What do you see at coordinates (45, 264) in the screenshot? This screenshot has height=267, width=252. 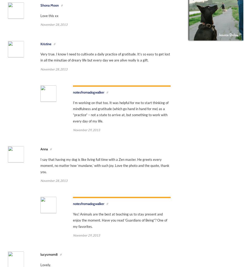 I see `'Lovely.'` at bounding box center [45, 264].